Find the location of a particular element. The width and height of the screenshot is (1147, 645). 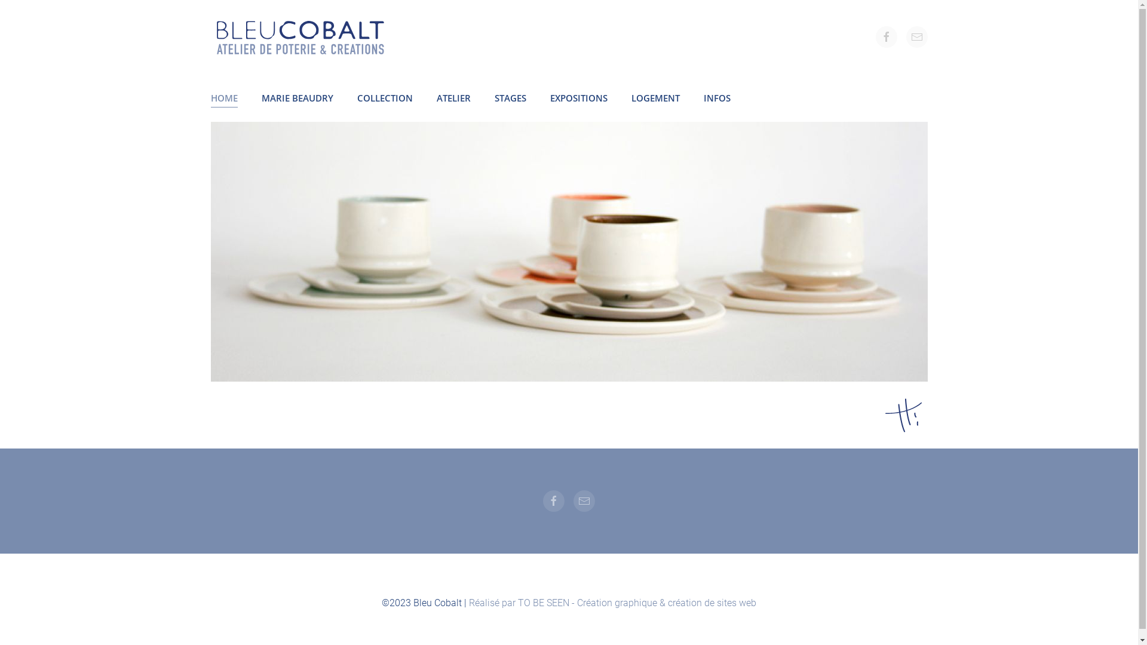

'INFOS' is located at coordinates (717, 97).